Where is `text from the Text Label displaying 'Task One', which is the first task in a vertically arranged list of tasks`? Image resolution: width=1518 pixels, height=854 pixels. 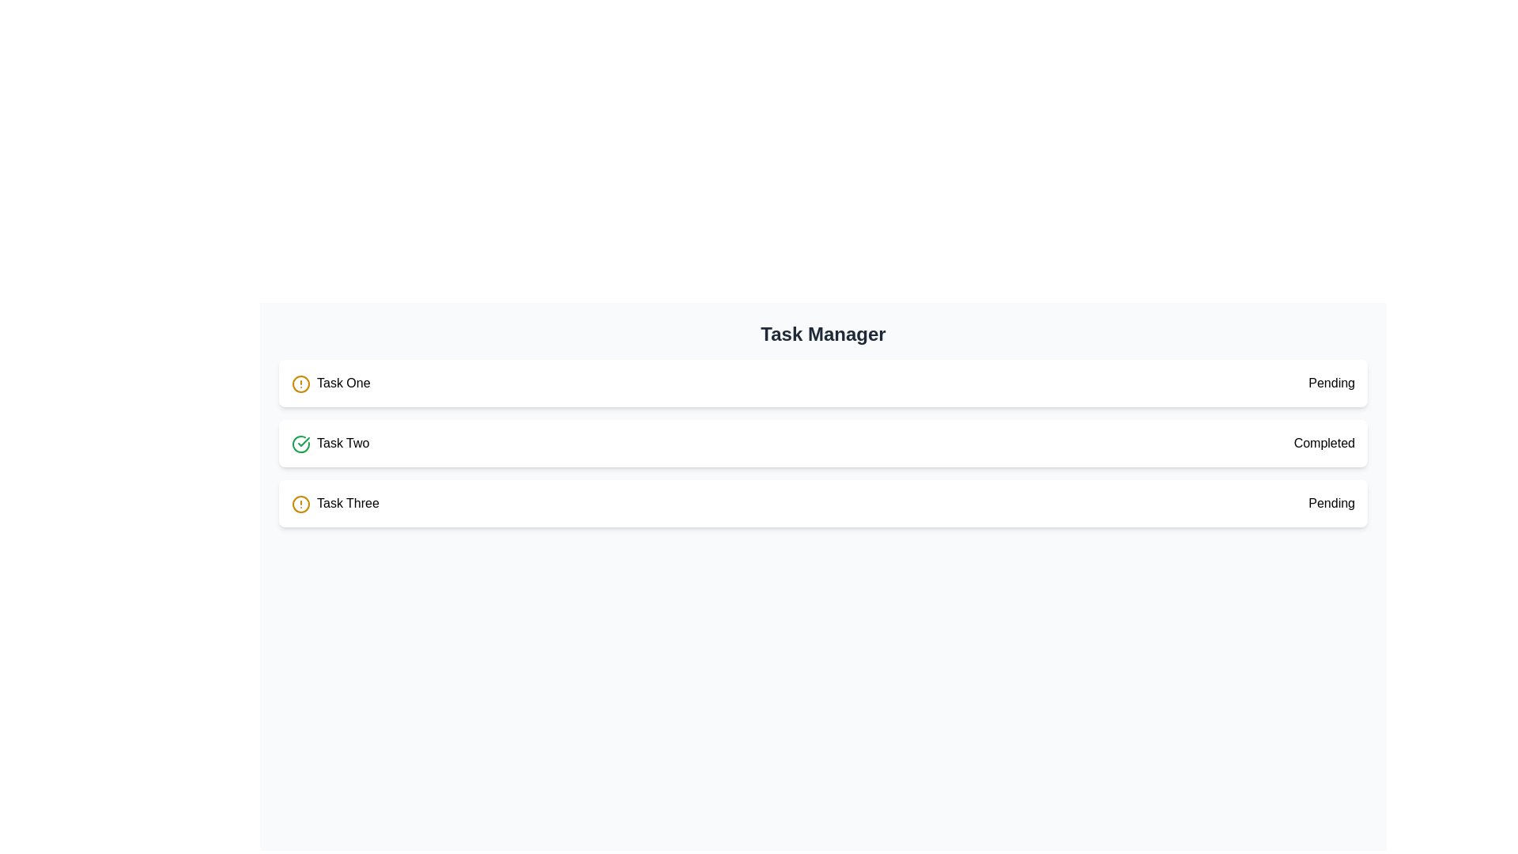 text from the Text Label displaying 'Task One', which is the first task in a vertically arranged list of tasks is located at coordinates (342, 384).